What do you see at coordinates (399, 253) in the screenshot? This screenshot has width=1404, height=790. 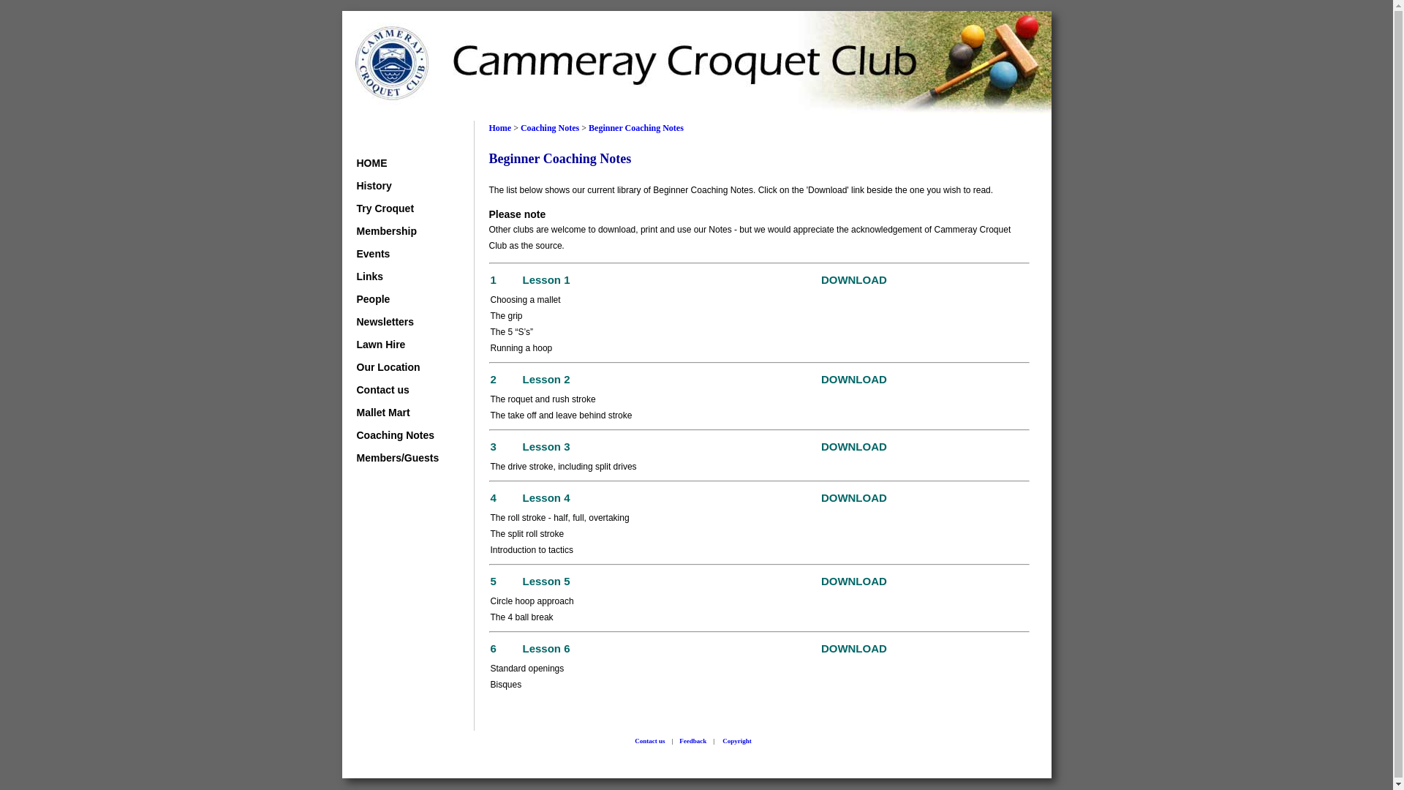 I see `'Events'` at bounding box center [399, 253].